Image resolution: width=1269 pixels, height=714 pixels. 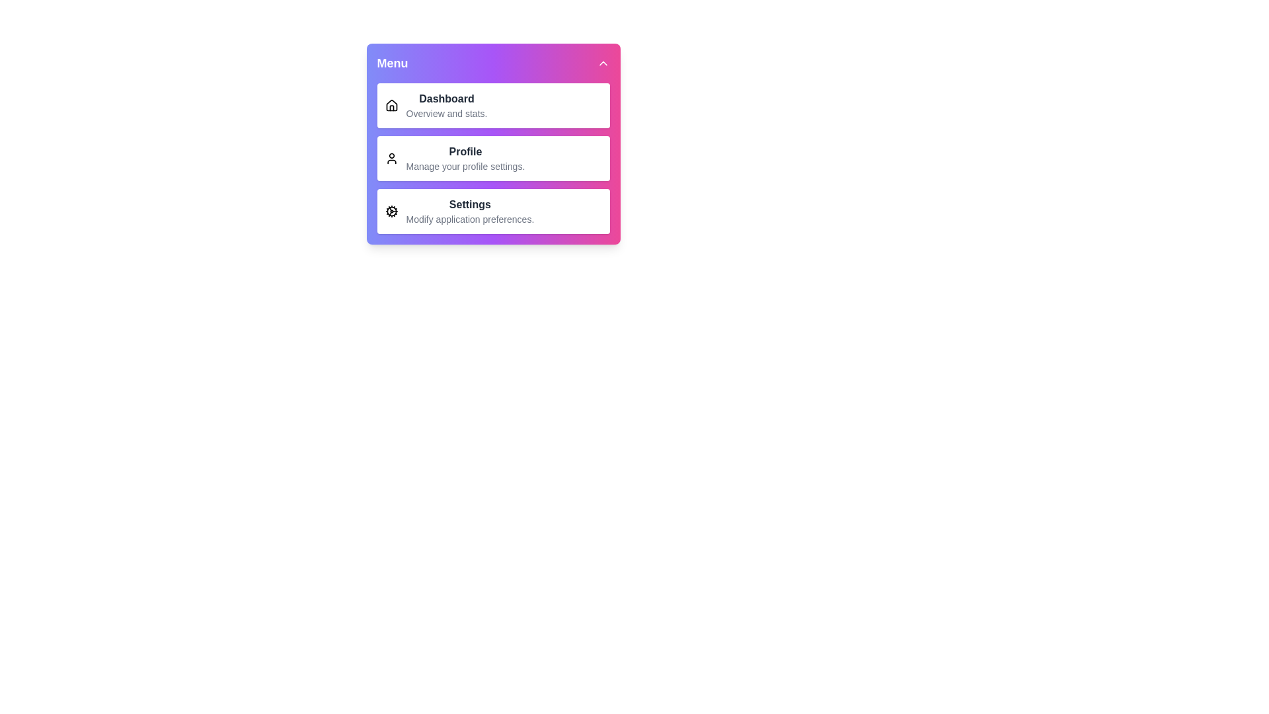 I want to click on the icon of the menu item labeled Profile, so click(x=391, y=157).